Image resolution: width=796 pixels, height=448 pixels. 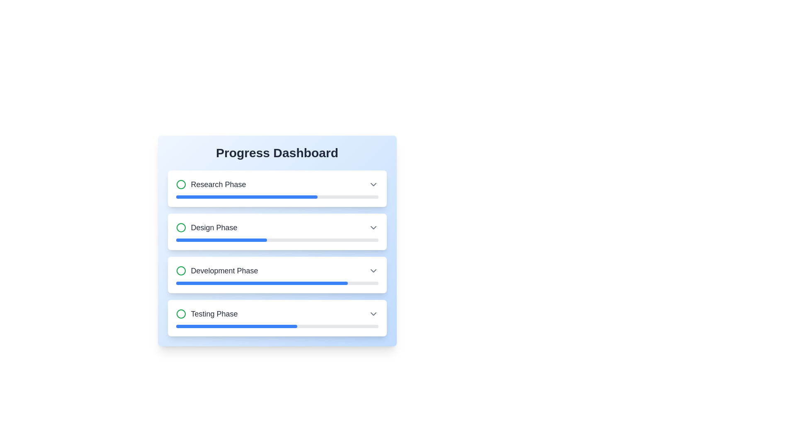 What do you see at coordinates (277, 240) in the screenshot?
I see `the progress bar located within the 'Design Phase' card in the second section of the 'Progress Dashboard', positioned below the title and above other details` at bounding box center [277, 240].